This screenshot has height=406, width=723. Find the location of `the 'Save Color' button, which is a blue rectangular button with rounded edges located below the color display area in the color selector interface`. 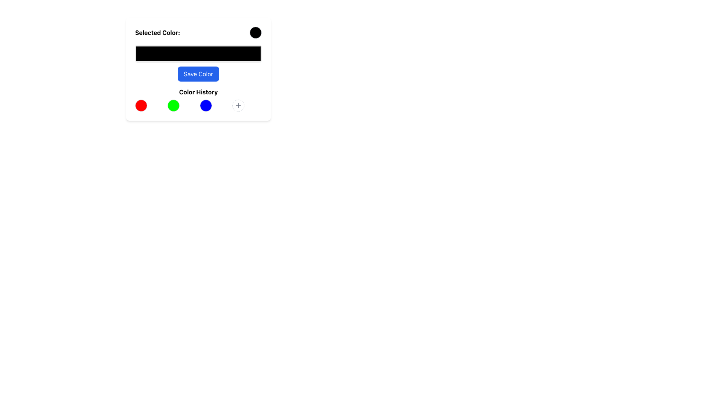

the 'Save Color' button, which is a blue rectangular button with rounded edges located below the color display area in the color selector interface is located at coordinates (198, 74).